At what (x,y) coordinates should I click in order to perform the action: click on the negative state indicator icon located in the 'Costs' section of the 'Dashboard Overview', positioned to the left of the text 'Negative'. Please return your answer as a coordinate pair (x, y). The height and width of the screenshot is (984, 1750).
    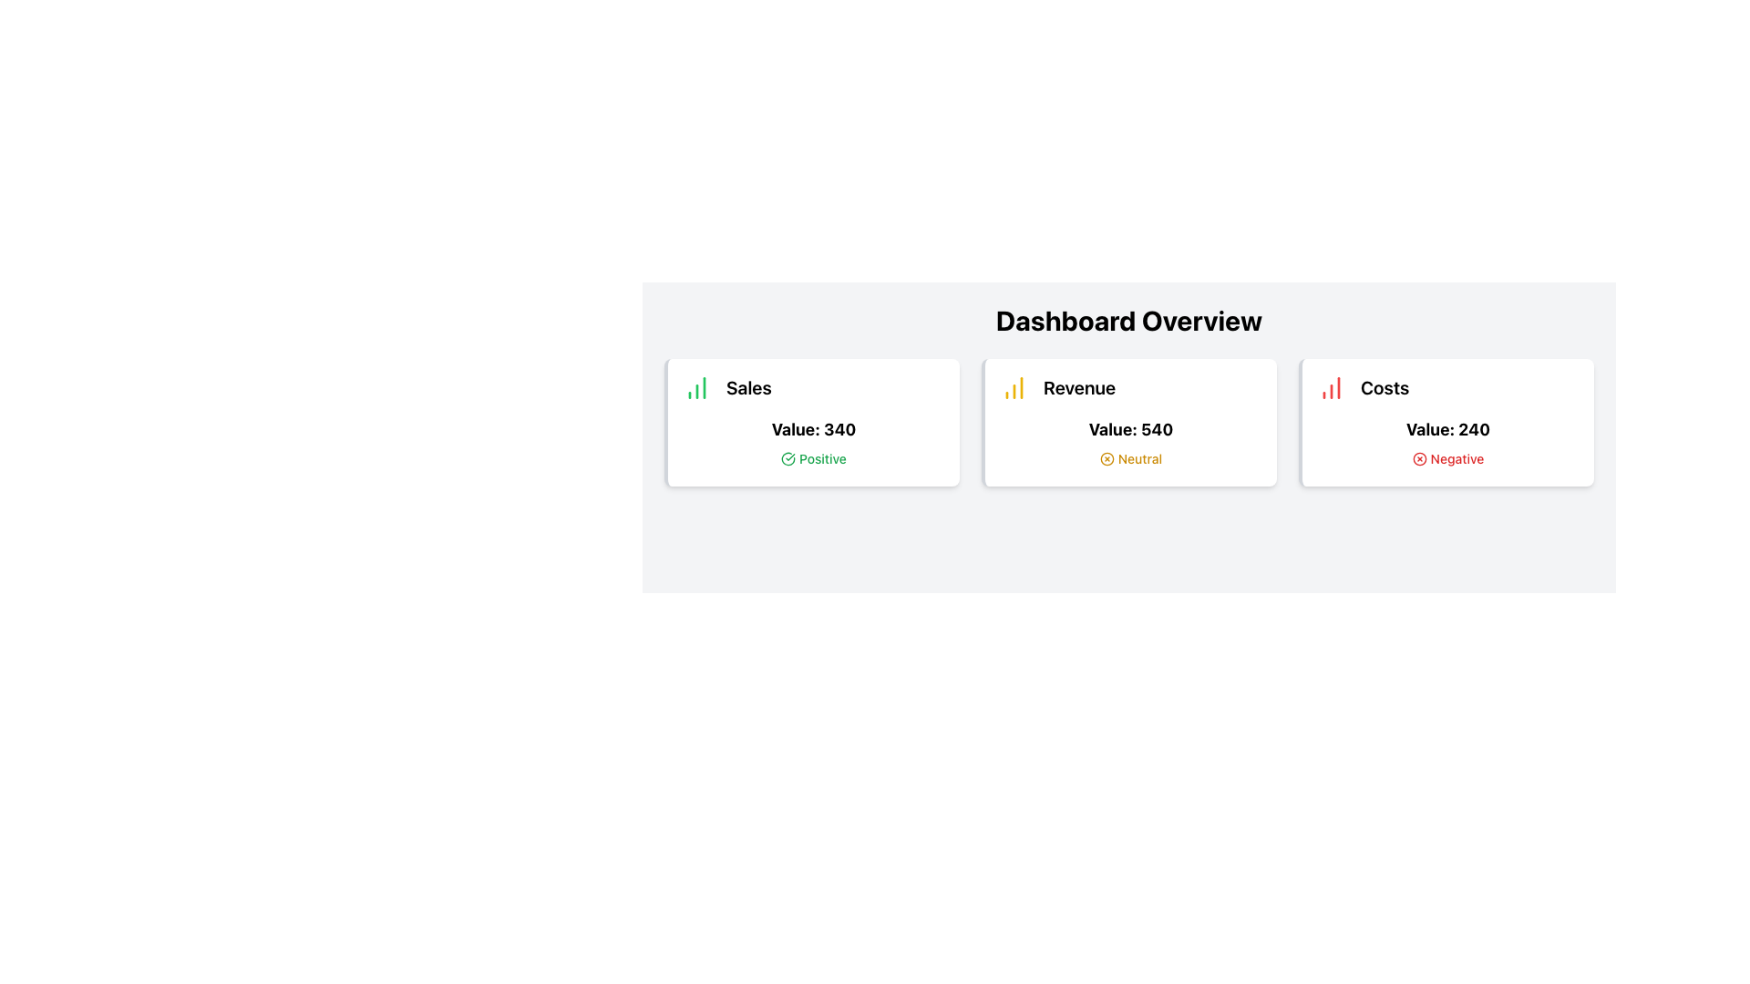
    Looking at the image, I should click on (1418, 458).